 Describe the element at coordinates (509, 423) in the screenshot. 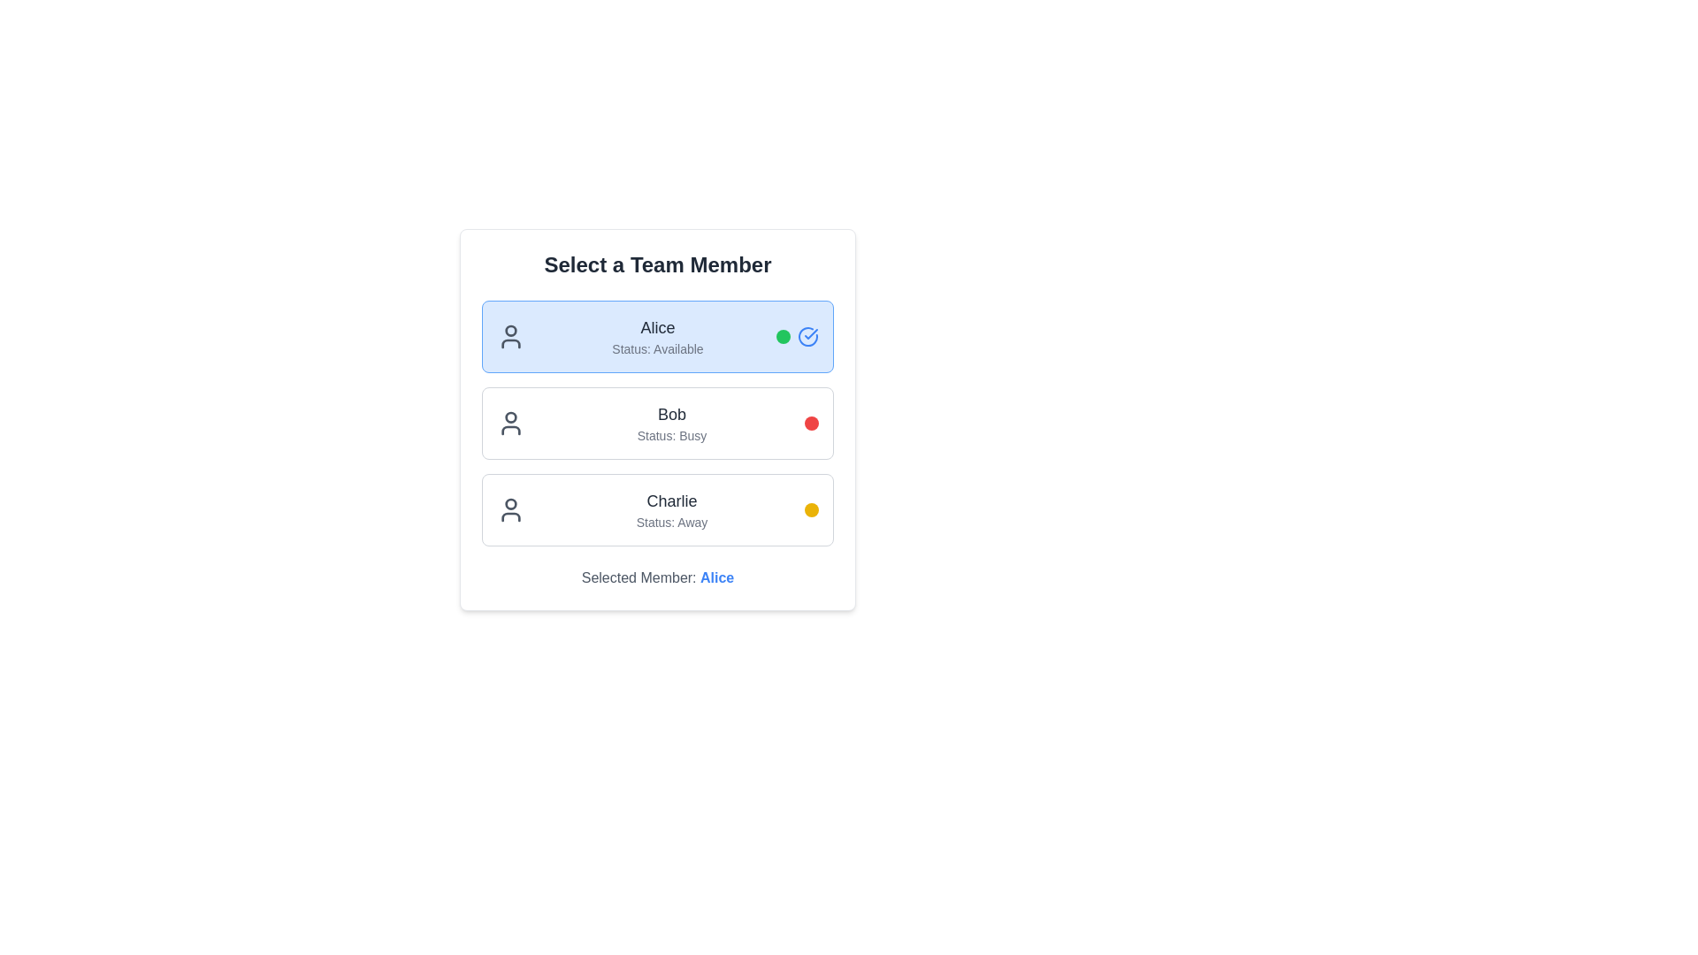

I see `the user profile icon resembling a dark gray circular head with a downward U-shaped body, located before the text 'Bob Status: Busy'` at that location.